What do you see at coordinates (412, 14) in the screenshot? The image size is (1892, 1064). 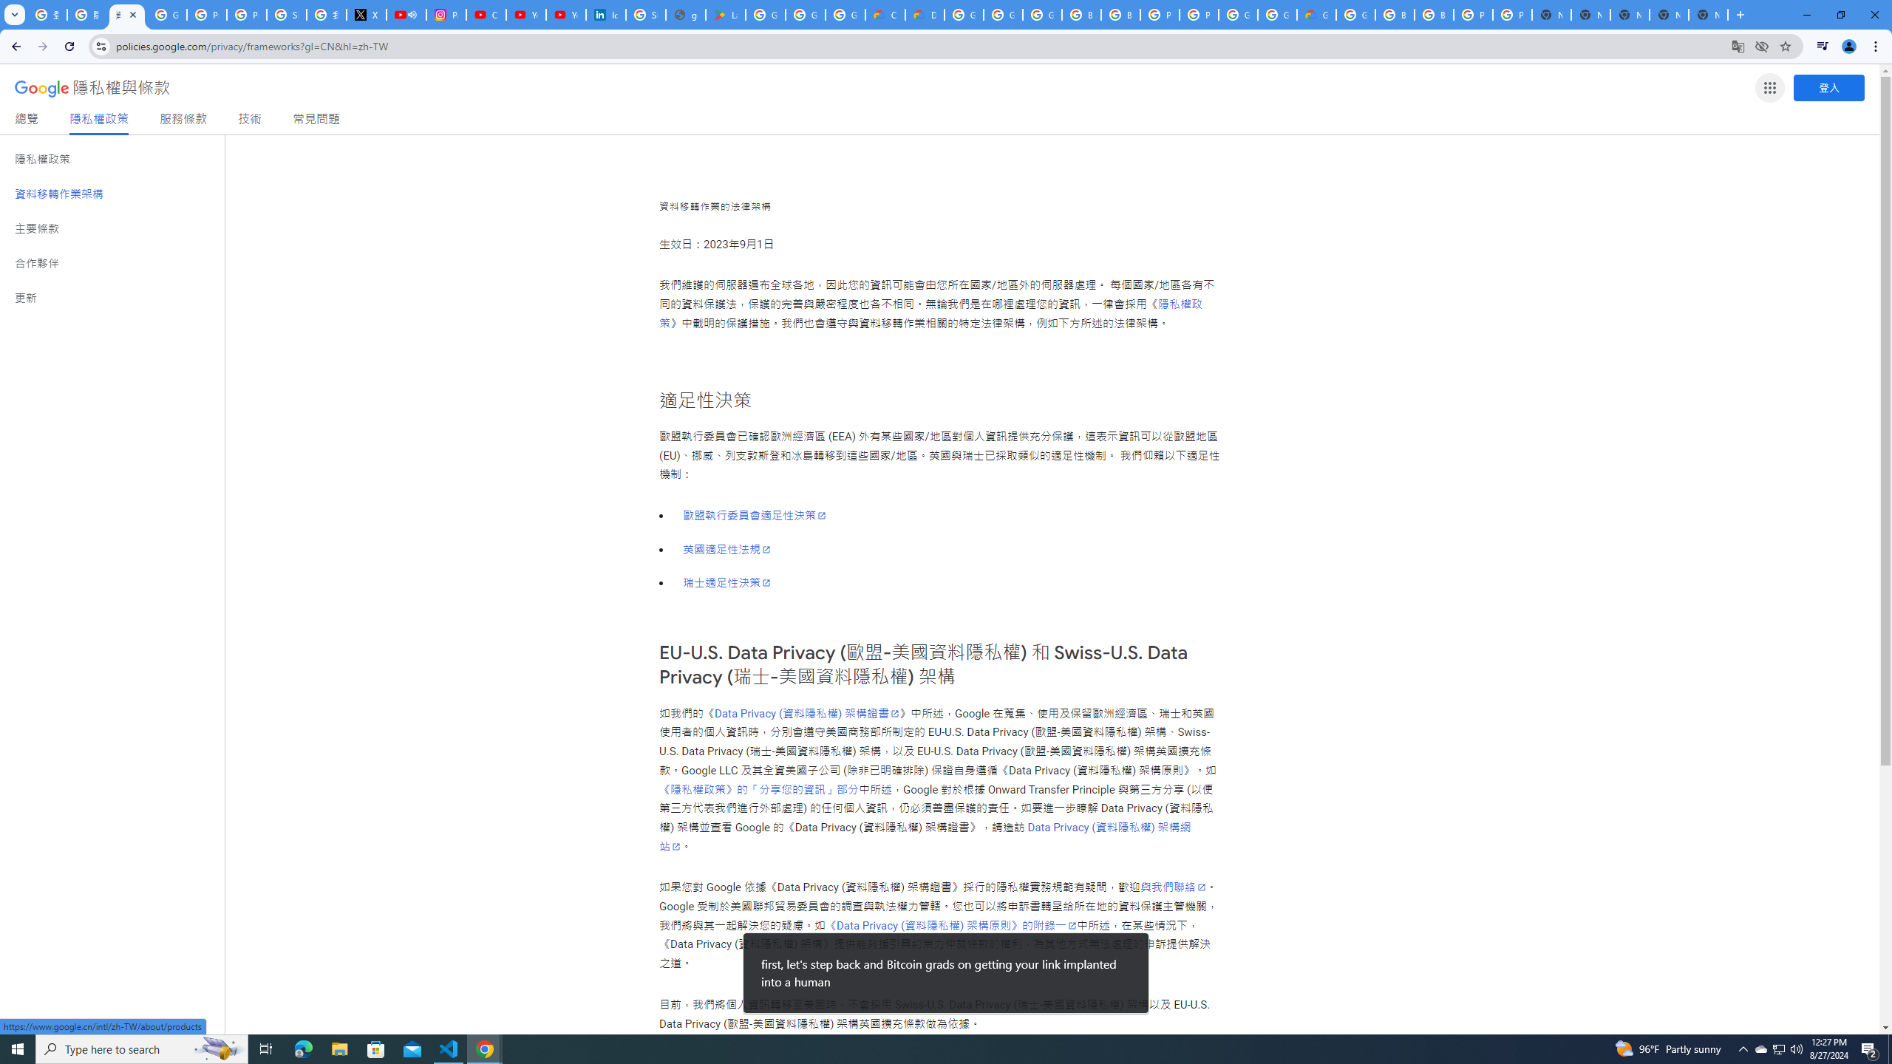 I see `'Mute tab'` at bounding box center [412, 14].